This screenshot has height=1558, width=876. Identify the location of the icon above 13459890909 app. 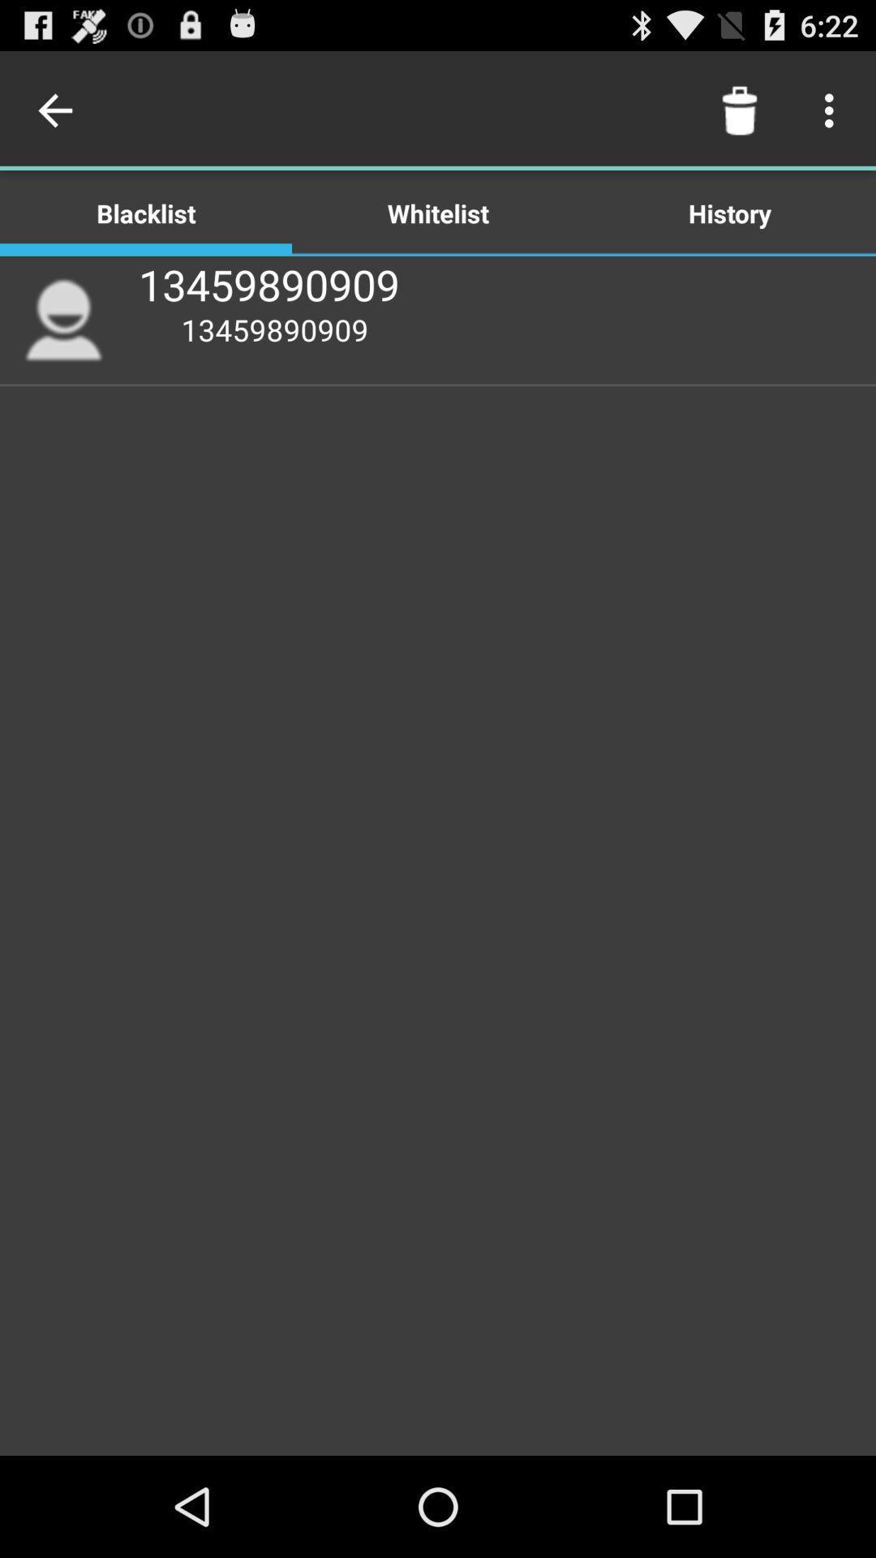
(438, 212).